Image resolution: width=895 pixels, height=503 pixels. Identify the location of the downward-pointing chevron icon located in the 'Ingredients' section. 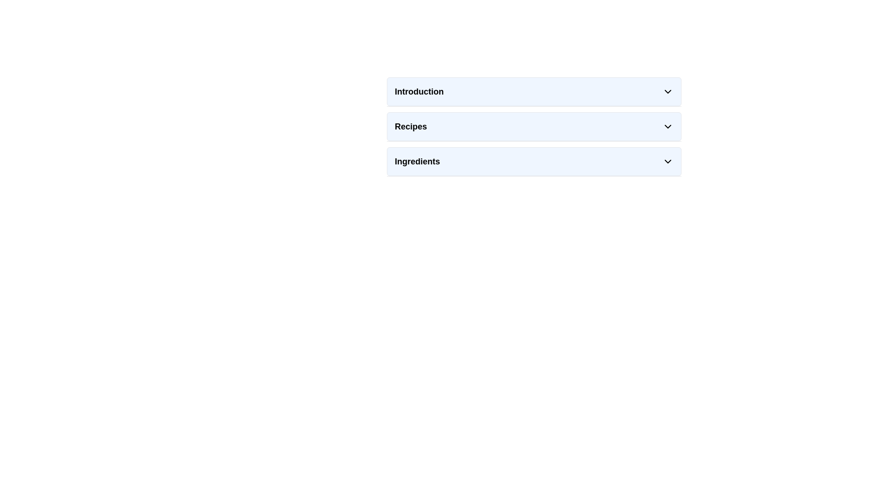
(668, 161).